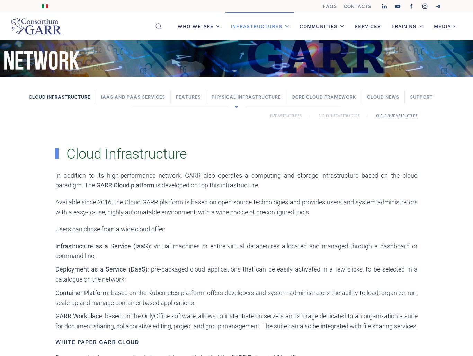  What do you see at coordinates (97, 341) in the screenshot?
I see `'White paper GARR Cloud'` at bounding box center [97, 341].